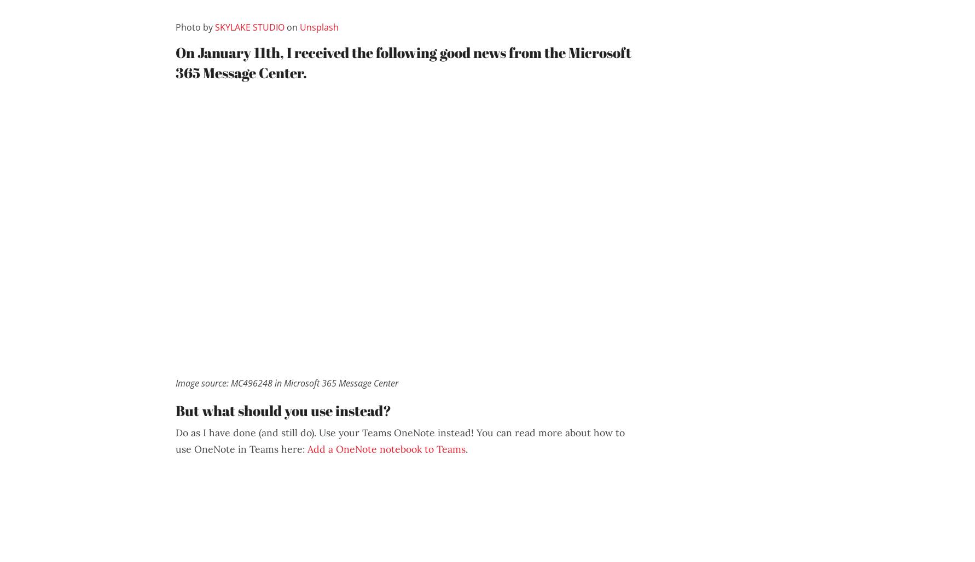 The height and width of the screenshot is (562, 975). Describe the element at coordinates (319, 27) in the screenshot. I see `'Unsplash'` at that location.